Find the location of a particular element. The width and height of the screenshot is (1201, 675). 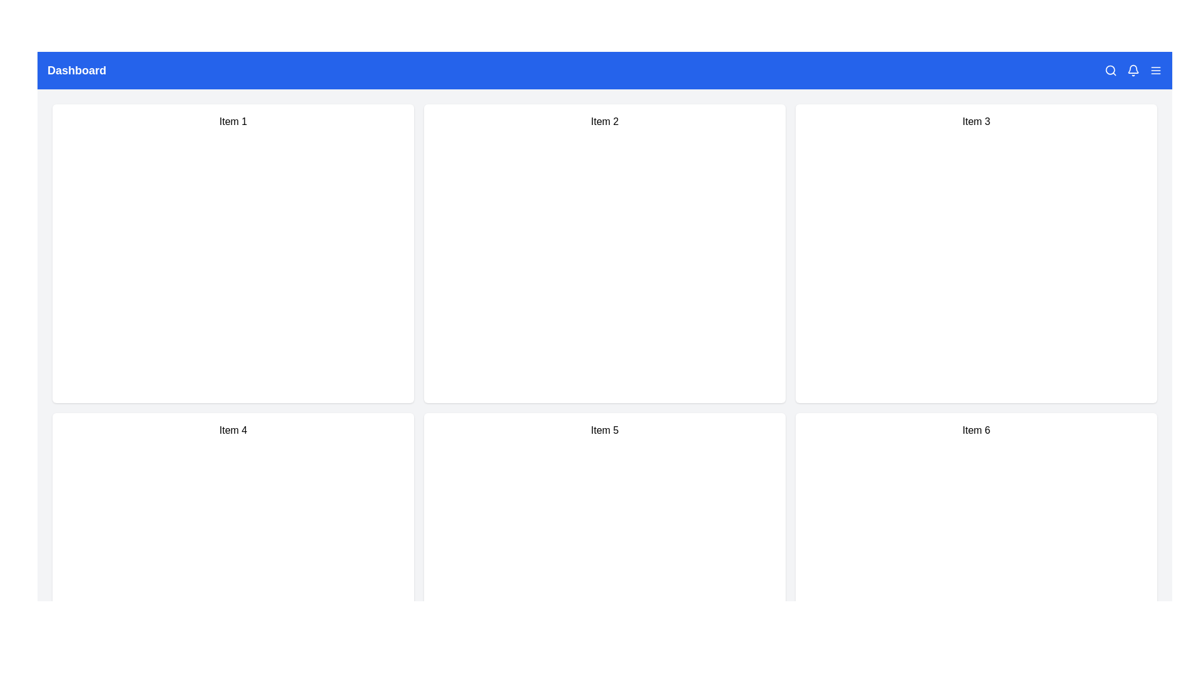

the grouping of three icons located on the right side of the blue header, which includes a magnifying glass, a bell, and a hamburger menu is located at coordinates (1133, 70).